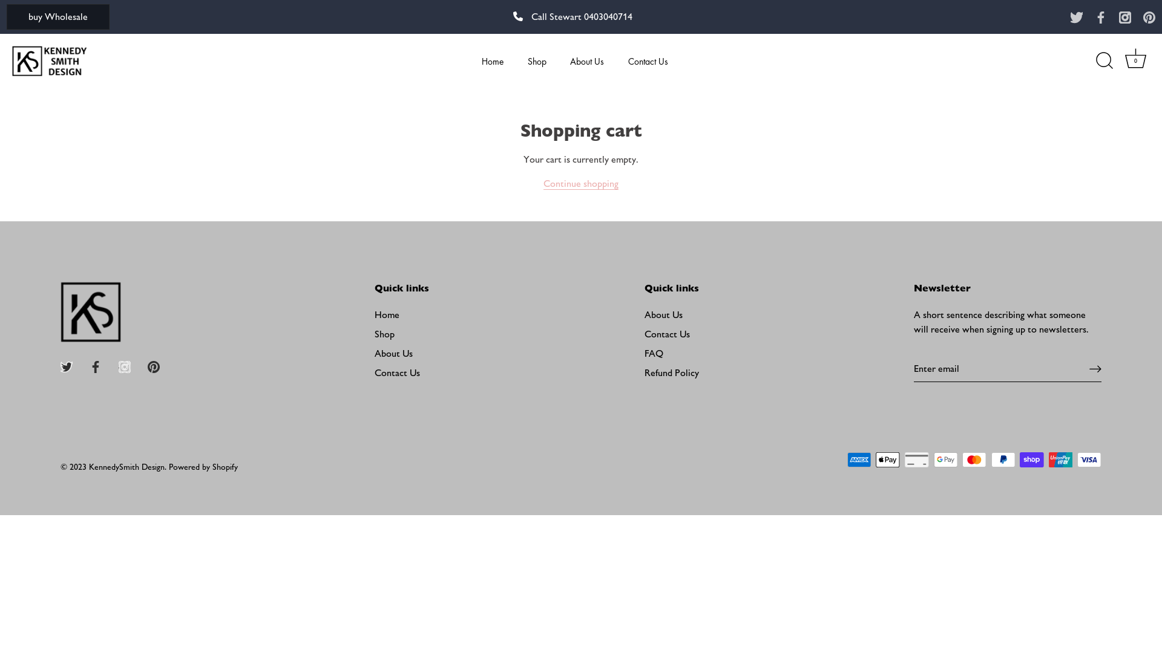 Image resolution: width=1162 pixels, height=653 pixels. I want to click on 'Home', so click(386, 314).